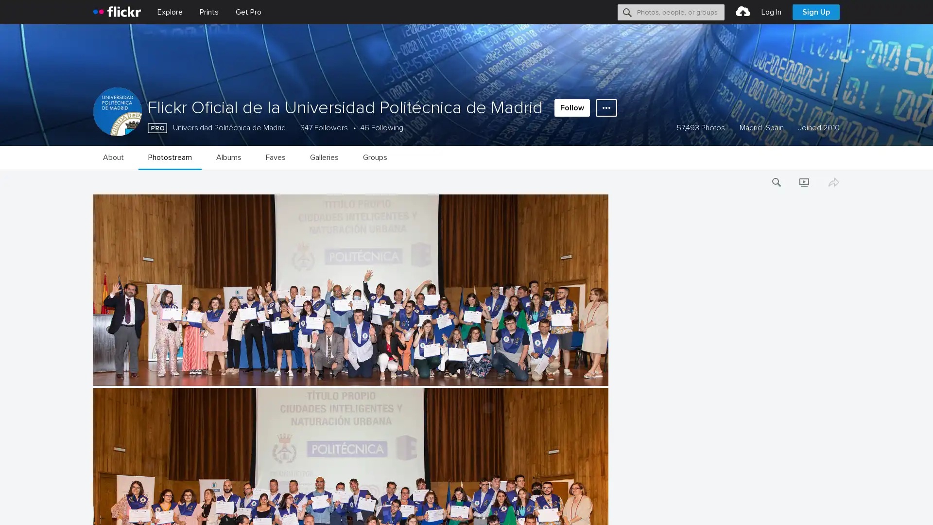 This screenshot has width=933, height=525. I want to click on Add to Favorites, so click(93, 343).